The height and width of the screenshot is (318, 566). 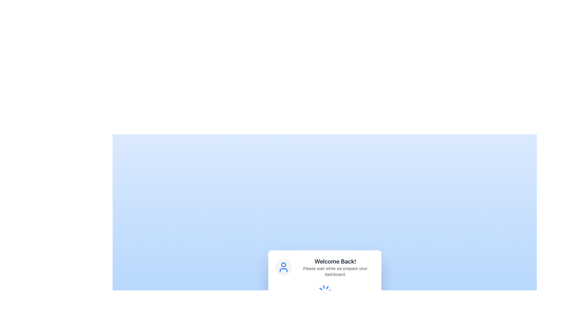 What do you see at coordinates (324, 291) in the screenshot?
I see `the vibrant blue circular spinner that is centered beneath the 'Welcome Back!' text, indicating a loading or processing state` at bounding box center [324, 291].